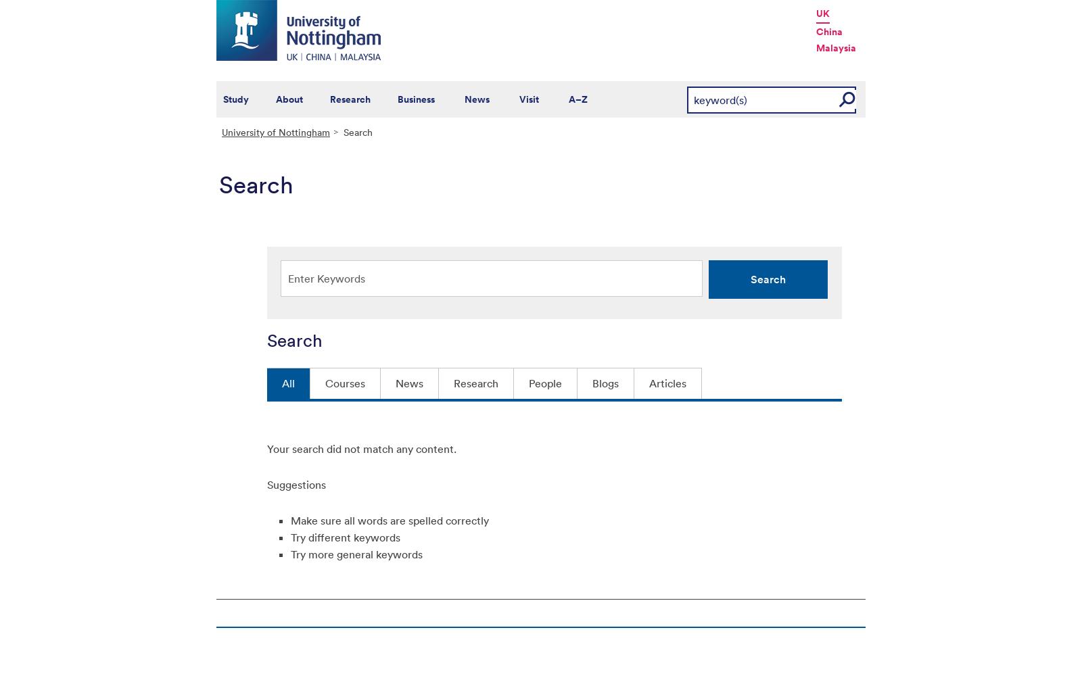 Image resolution: width=1082 pixels, height=676 pixels. Describe the element at coordinates (222, 99) in the screenshot. I see `'Study'` at that location.